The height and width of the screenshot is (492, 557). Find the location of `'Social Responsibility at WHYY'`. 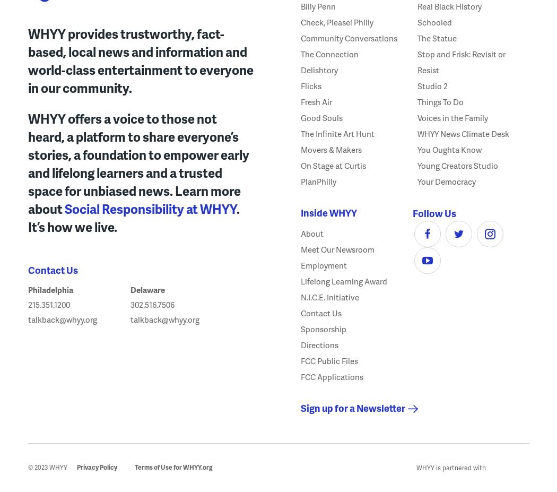

'Social Responsibility at WHYY' is located at coordinates (149, 208).